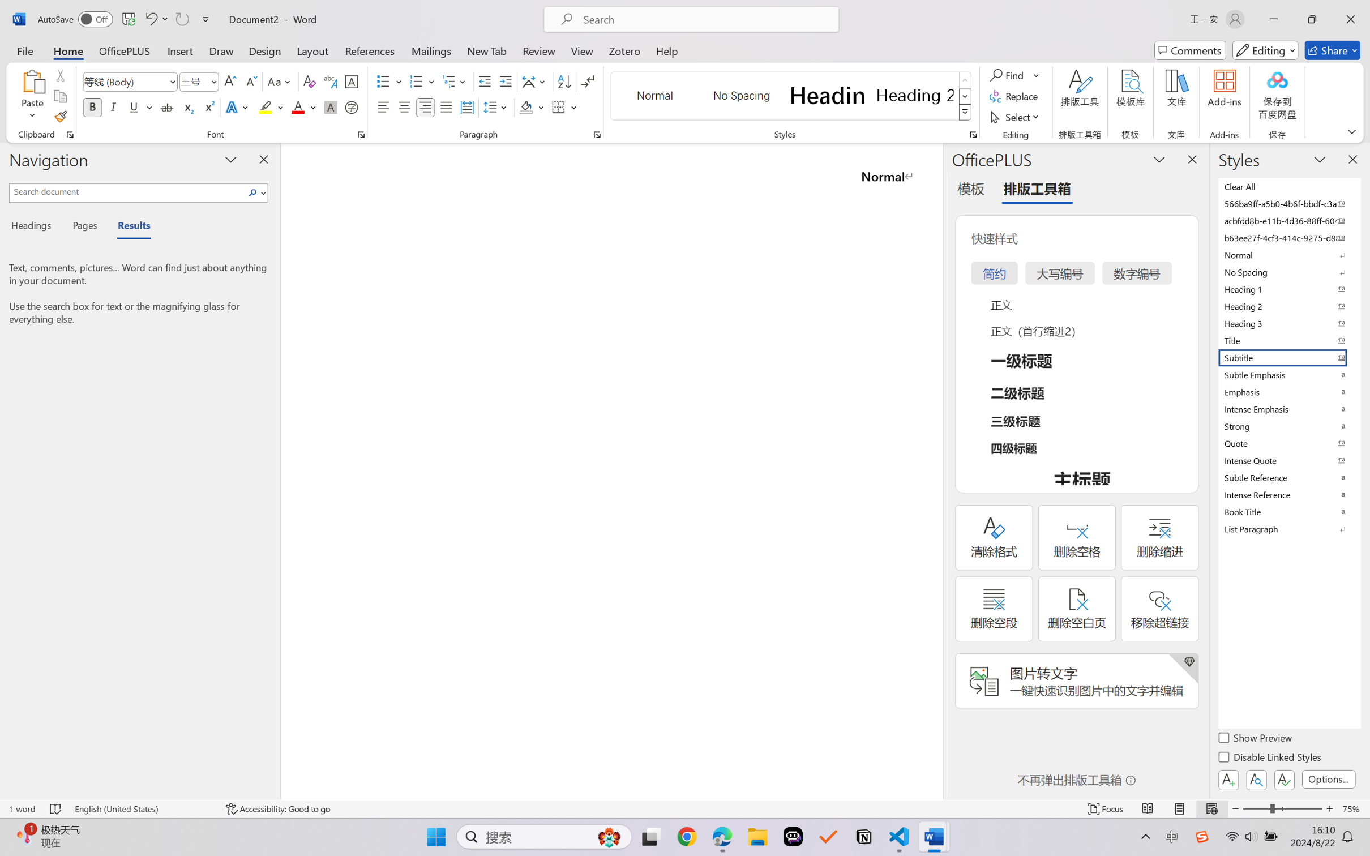  Describe the element at coordinates (166, 106) in the screenshot. I see `'Strikethrough'` at that location.